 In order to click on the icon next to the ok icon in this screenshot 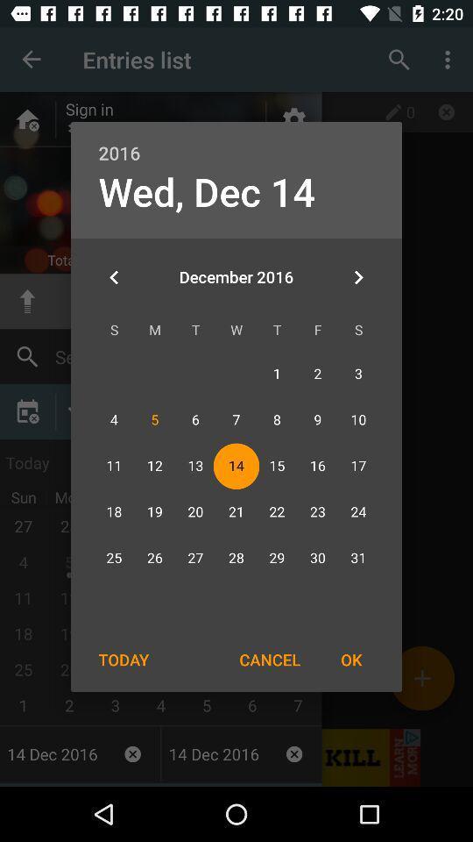, I will do `click(270, 659)`.